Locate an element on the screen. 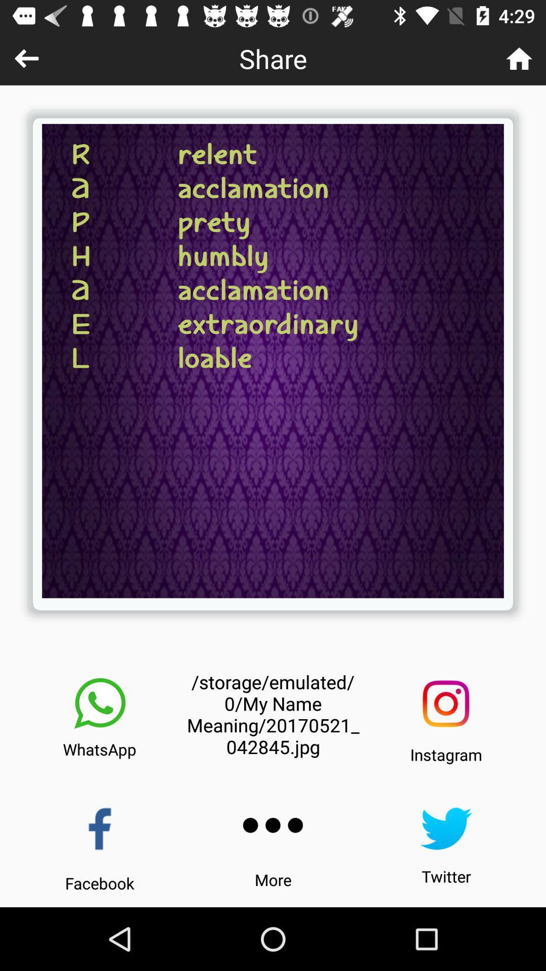  the more icon is located at coordinates (273, 825).